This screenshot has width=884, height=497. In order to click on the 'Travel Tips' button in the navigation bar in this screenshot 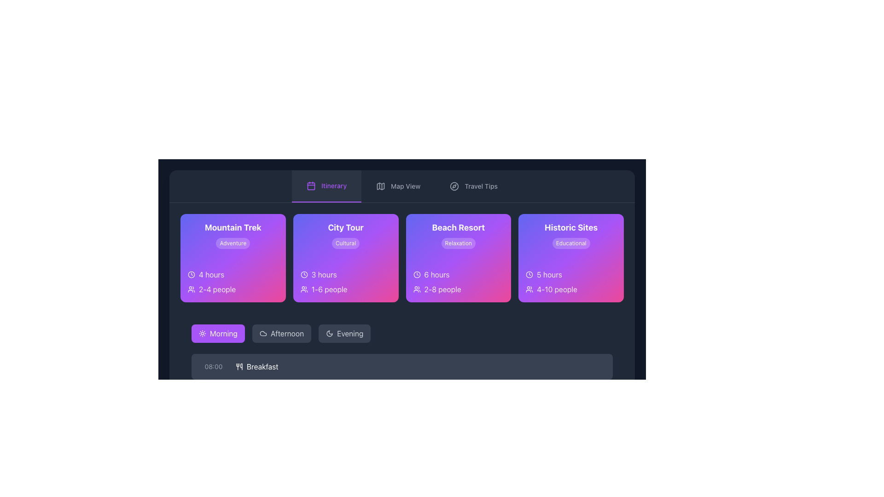, I will do `click(473, 186)`.